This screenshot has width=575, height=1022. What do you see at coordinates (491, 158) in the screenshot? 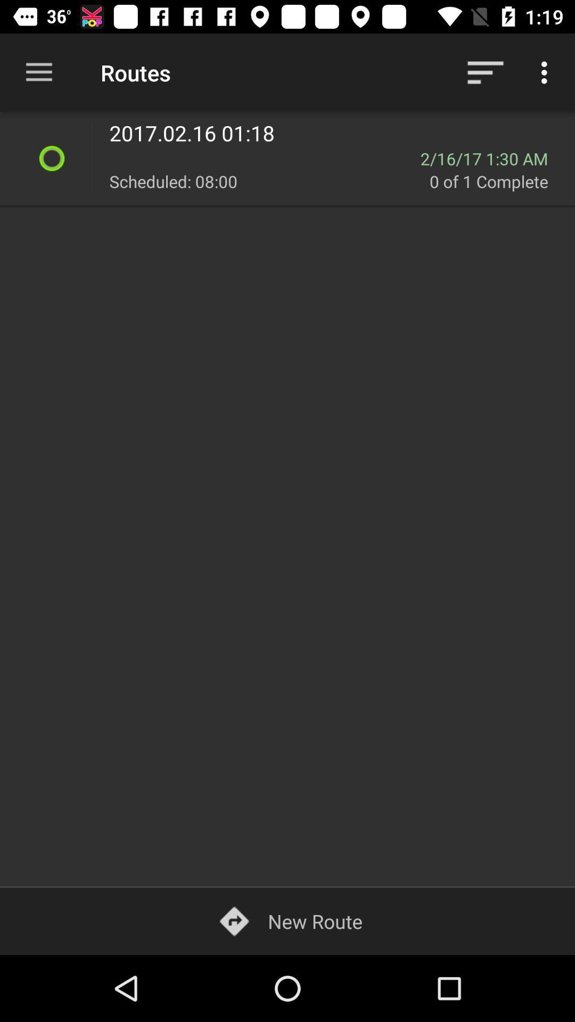
I see `the item below the 2017 02 16 item` at bounding box center [491, 158].